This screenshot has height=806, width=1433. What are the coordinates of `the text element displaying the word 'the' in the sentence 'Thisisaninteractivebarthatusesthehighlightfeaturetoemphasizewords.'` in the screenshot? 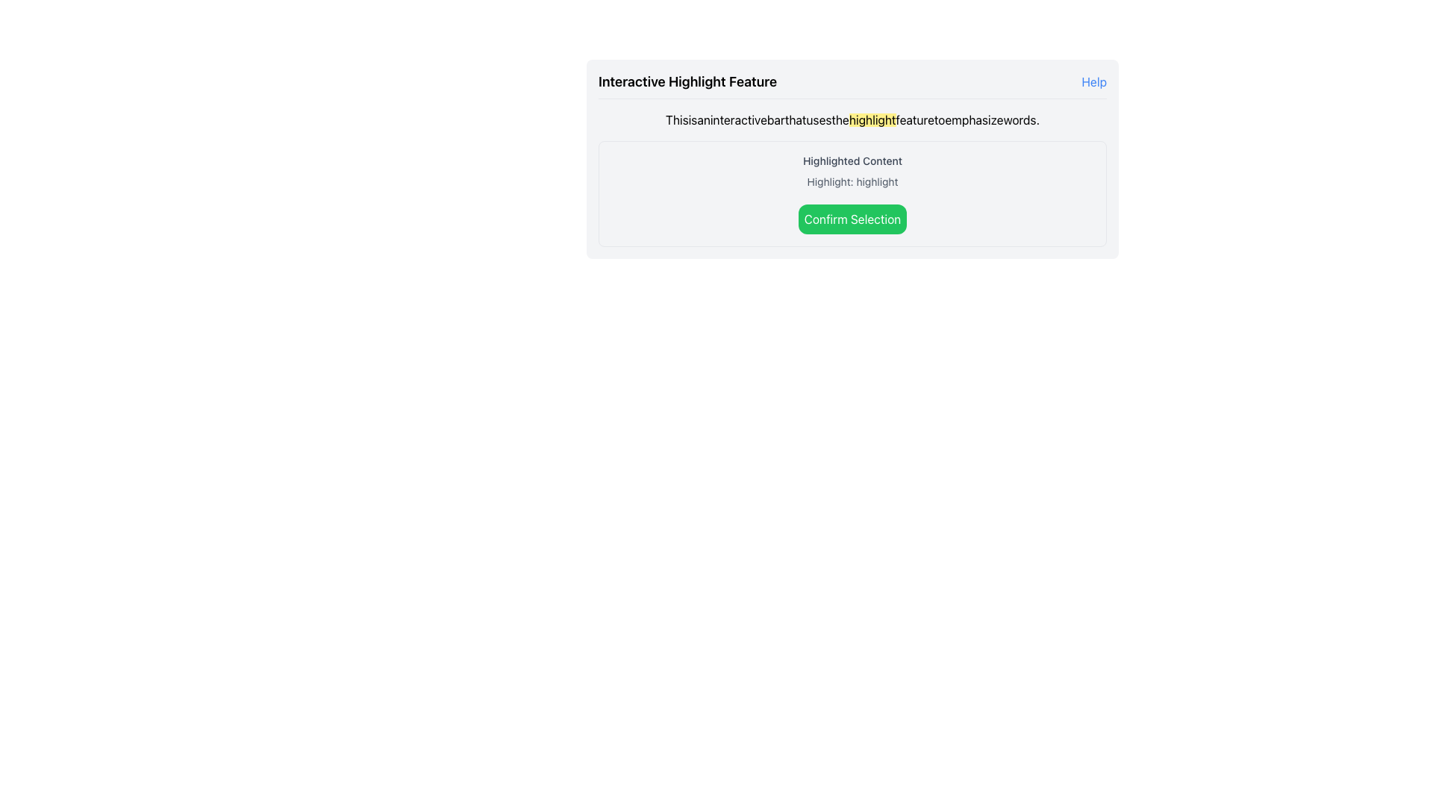 It's located at (840, 119).